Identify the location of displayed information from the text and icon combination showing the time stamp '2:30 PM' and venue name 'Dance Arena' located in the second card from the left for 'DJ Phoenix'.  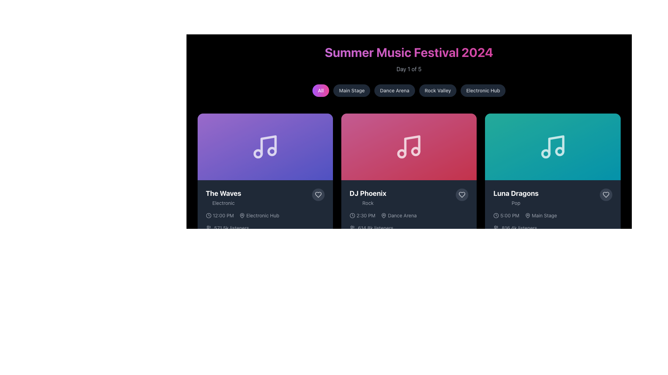
(409, 215).